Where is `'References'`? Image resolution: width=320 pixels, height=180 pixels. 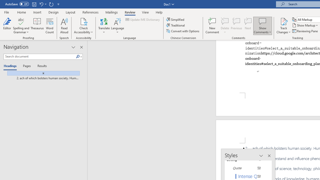
'References' is located at coordinates (90, 12).